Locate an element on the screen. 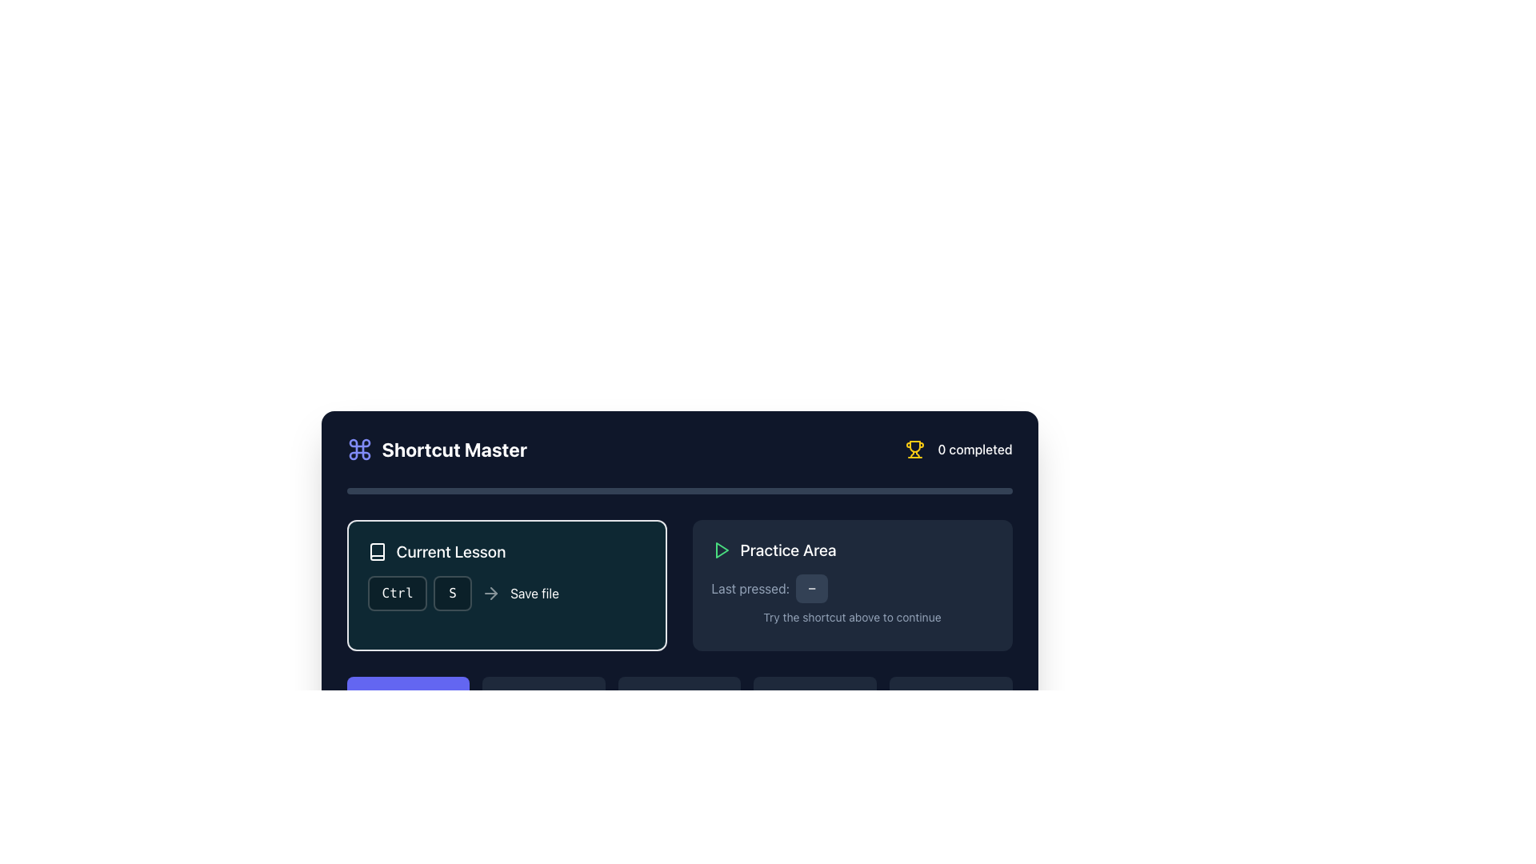  the static text label displaying 'Last pressed:' in light gray color, located near the center-right of the interface, just to the left of the button-like element with a hyphen ('-') is located at coordinates (750, 589).